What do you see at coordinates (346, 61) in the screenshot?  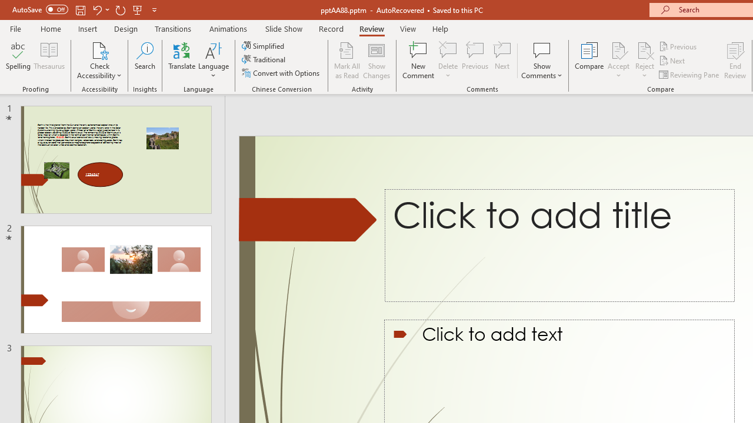 I see `'Mark All as Read'` at bounding box center [346, 61].